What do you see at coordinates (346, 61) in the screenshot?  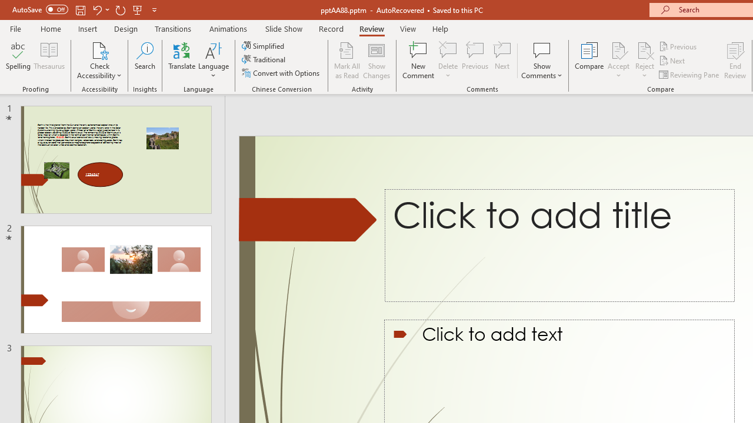 I see `'Mark All as Read'` at bounding box center [346, 61].